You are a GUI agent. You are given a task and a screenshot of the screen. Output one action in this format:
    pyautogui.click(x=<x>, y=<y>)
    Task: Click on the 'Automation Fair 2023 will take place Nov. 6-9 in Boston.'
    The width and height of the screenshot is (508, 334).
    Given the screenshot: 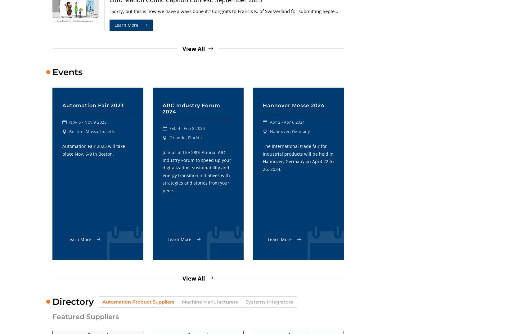 What is the action you would take?
    pyautogui.click(x=93, y=150)
    